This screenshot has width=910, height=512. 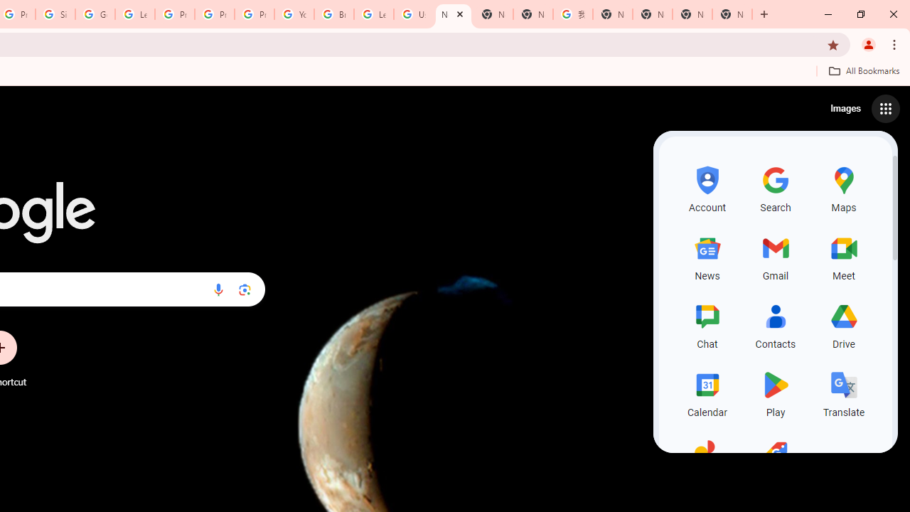 What do you see at coordinates (707, 186) in the screenshot?
I see `'Account, row 1 of 5 and column 1 of 3 in the first section'` at bounding box center [707, 186].